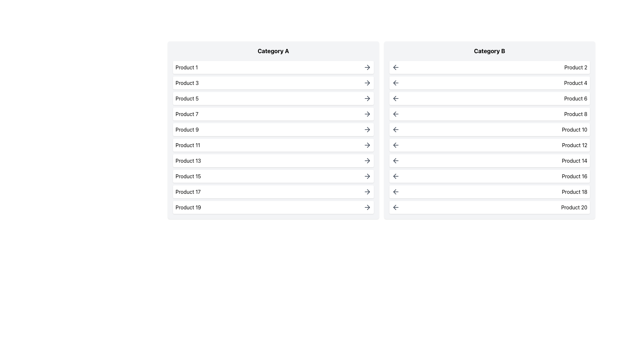 This screenshot has width=622, height=350. I want to click on the left-pointing arrow icon located next to the text 'Product 6' in the 'Category B' column, so click(394, 99).